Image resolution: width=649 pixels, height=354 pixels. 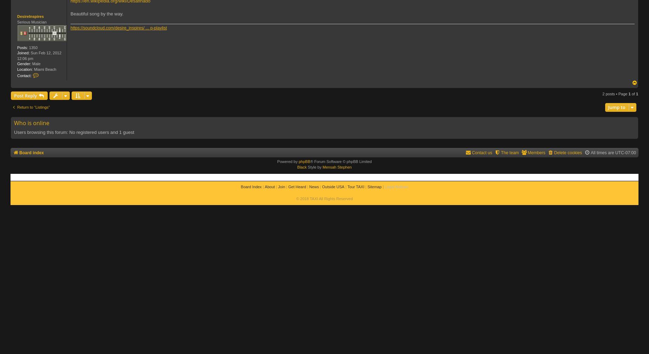 I want to click on 'Joined:', so click(x=23, y=52).